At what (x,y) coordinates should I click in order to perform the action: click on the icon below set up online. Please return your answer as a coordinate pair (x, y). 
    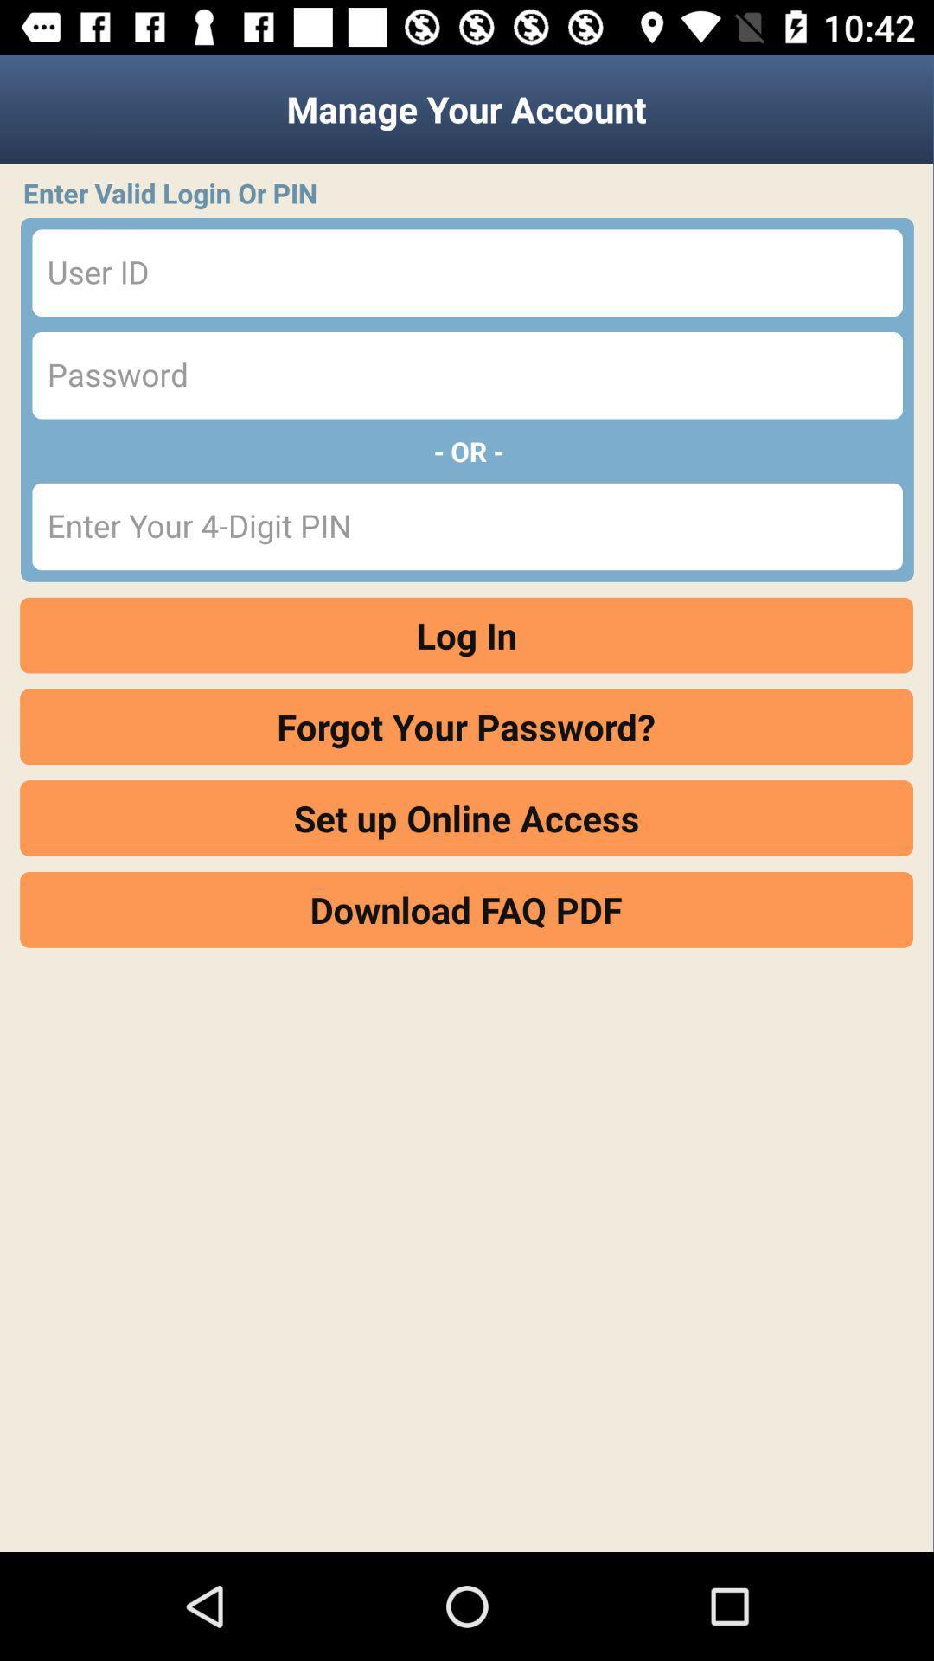
    Looking at the image, I should click on (465, 908).